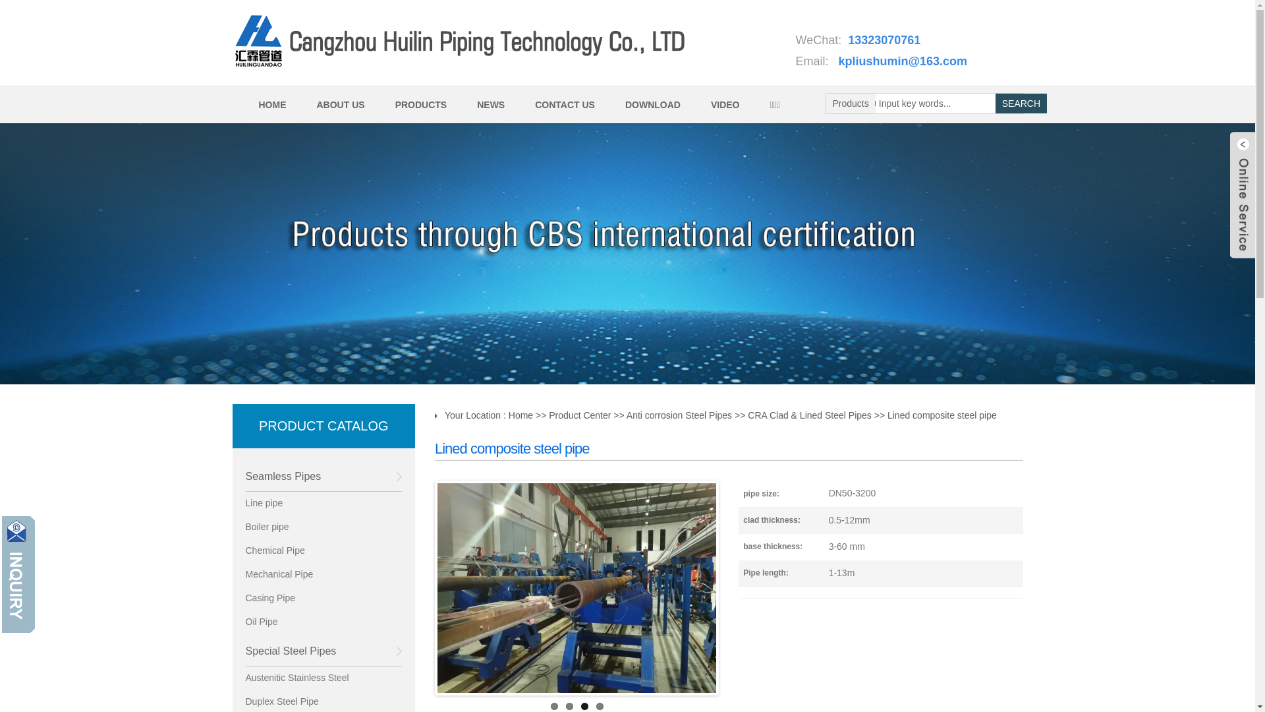  What do you see at coordinates (323, 503) in the screenshot?
I see `'Line pipe'` at bounding box center [323, 503].